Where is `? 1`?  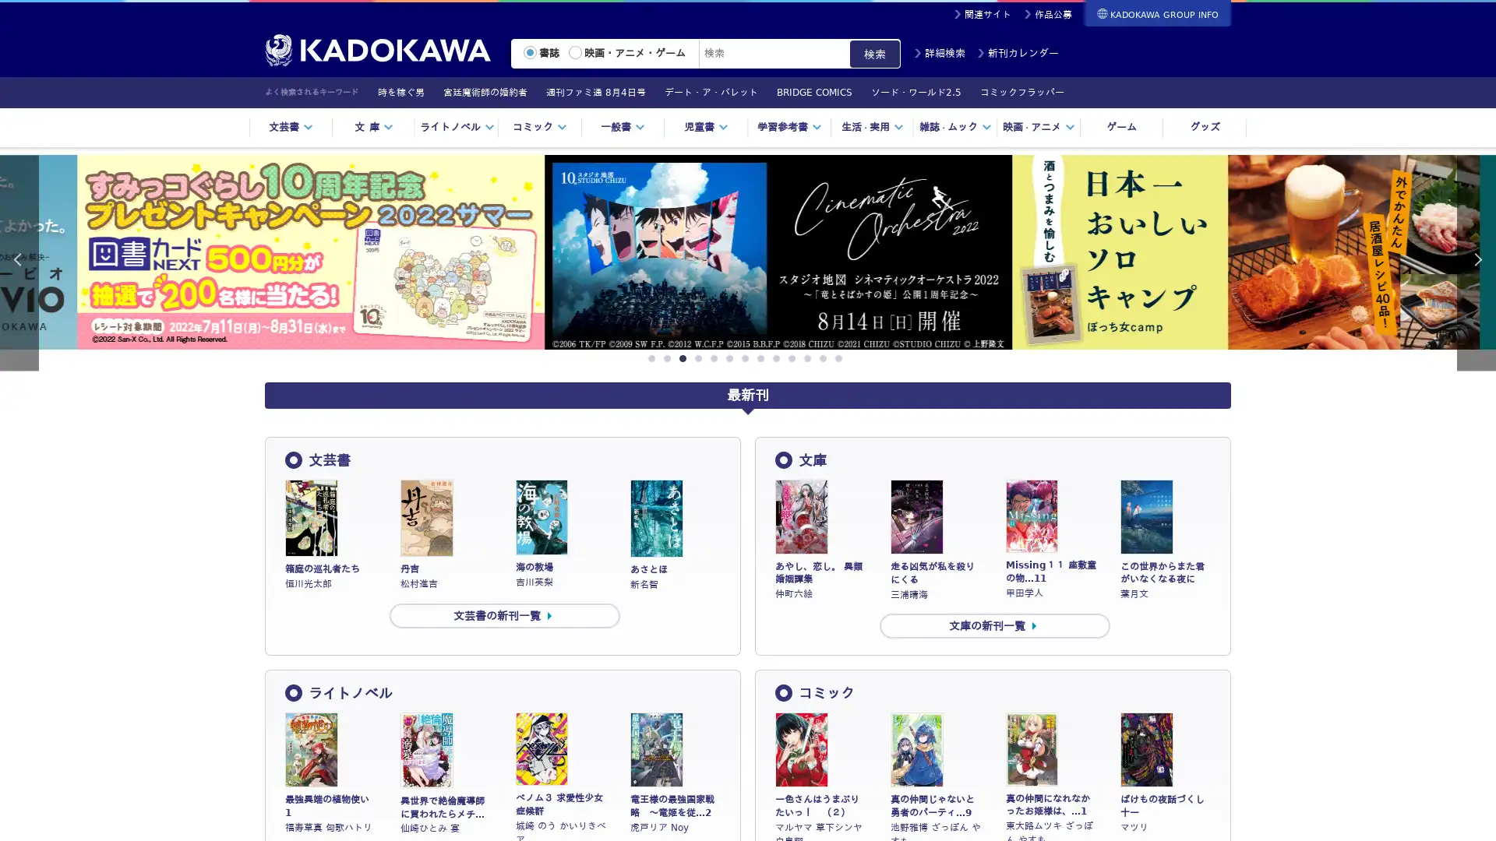 ? 1 is located at coordinates (766, 117).